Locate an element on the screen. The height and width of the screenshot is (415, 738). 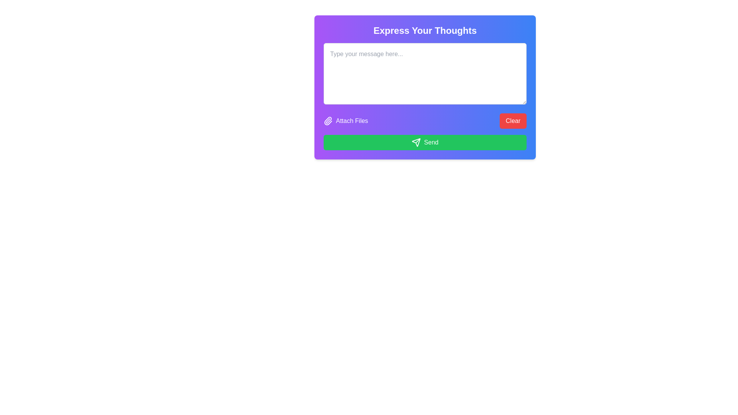
the 'send' icon, which resembles a paper airplane, located at the bottom center of the interface within a green button labeled 'Send' is located at coordinates (416, 142).